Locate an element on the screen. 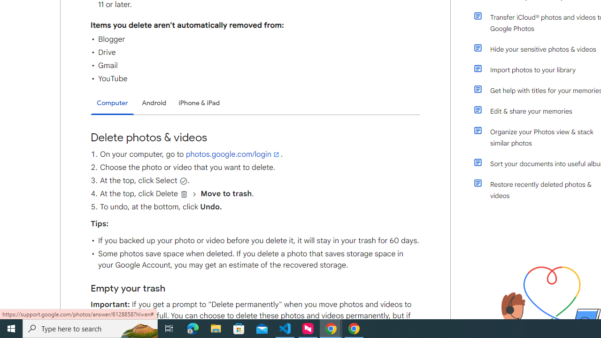  'Select' is located at coordinates (183, 181).